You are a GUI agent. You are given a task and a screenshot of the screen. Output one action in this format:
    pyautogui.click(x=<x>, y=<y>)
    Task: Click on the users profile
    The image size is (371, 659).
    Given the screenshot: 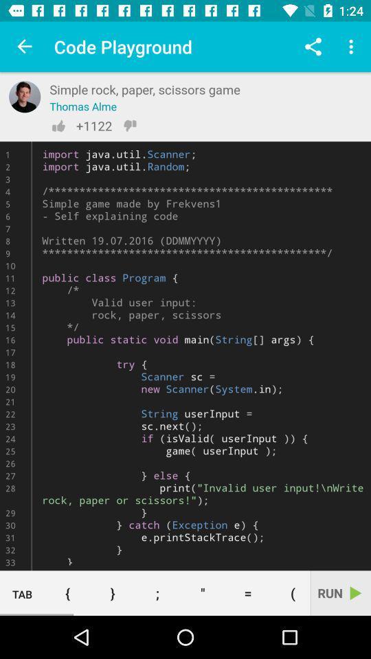 What is the action you would take?
    pyautogui.click(x=25, y=96)
    